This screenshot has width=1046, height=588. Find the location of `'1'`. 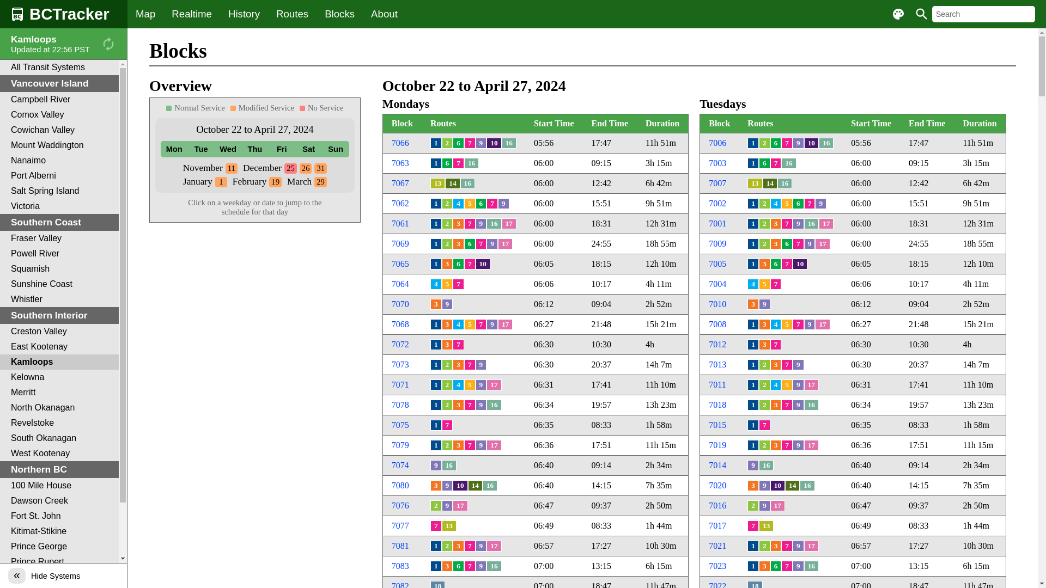

'1' is located at coordinates (752, 163).